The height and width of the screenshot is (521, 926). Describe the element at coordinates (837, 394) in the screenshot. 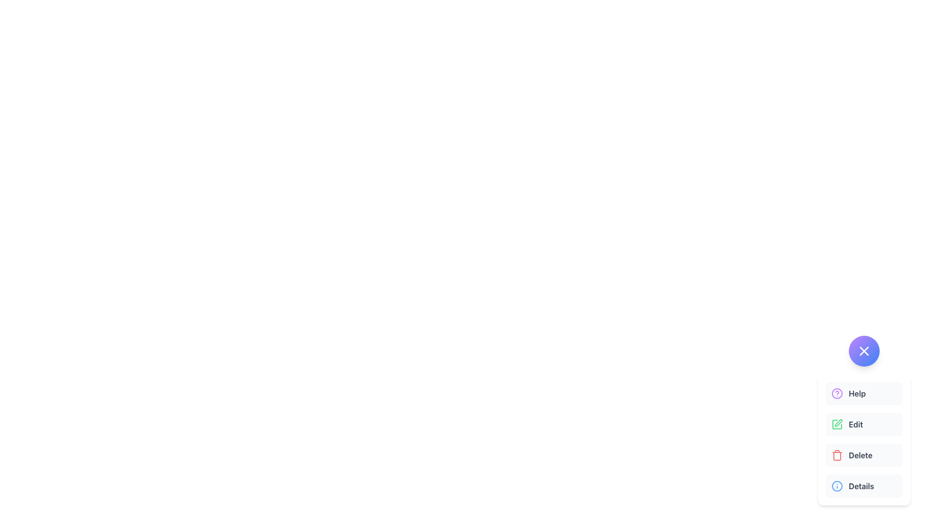

I see `the help icon located in the vertical menu, which is the first item under the 'Help' option` at that location.